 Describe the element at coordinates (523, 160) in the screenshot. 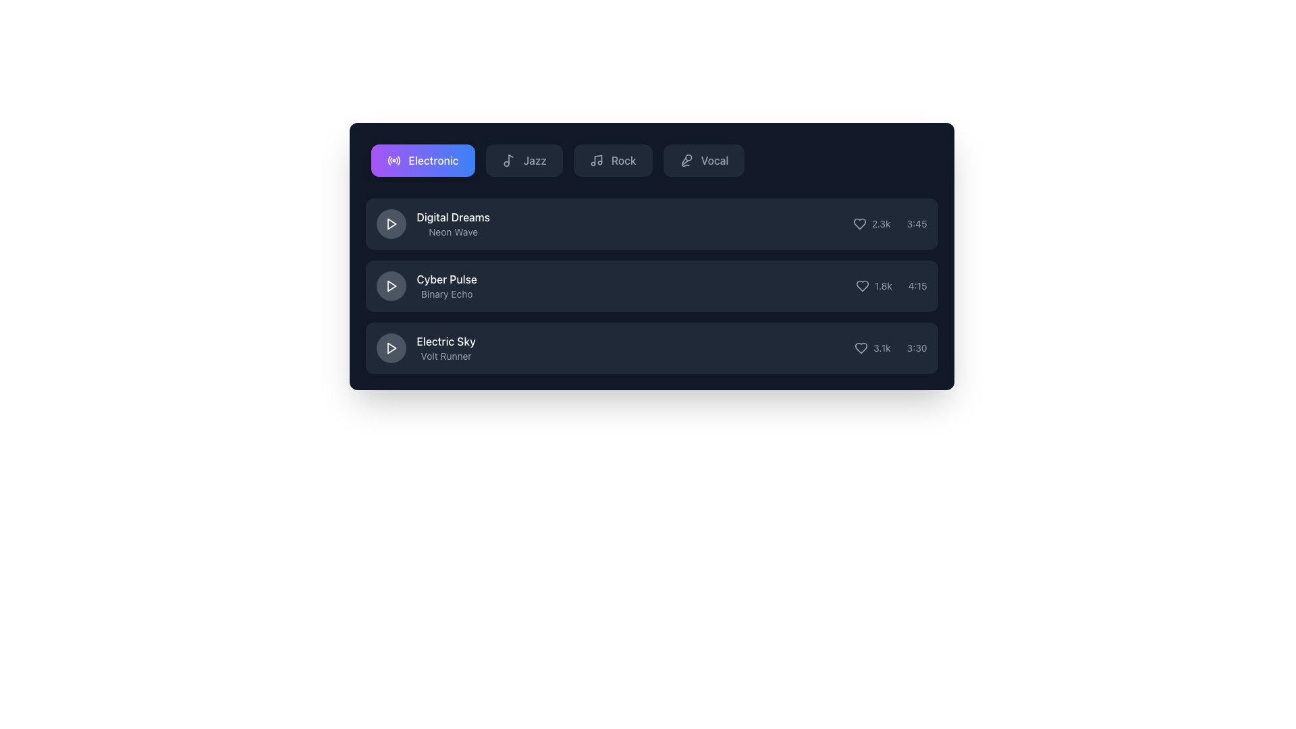

I see `the button labeled 'Jazz'` at that location.